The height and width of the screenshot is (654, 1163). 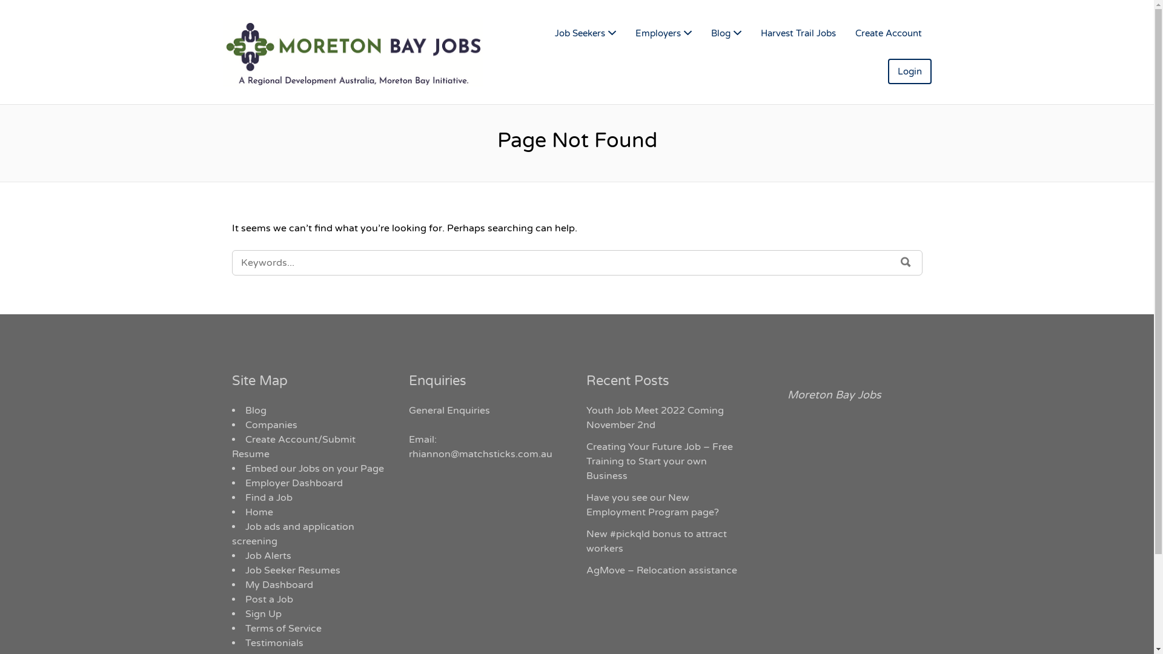 What do you see at coordinates (293, 533) in the screenshot?
I see `'Job ads and application screening'` at bounding box center [293, 533].